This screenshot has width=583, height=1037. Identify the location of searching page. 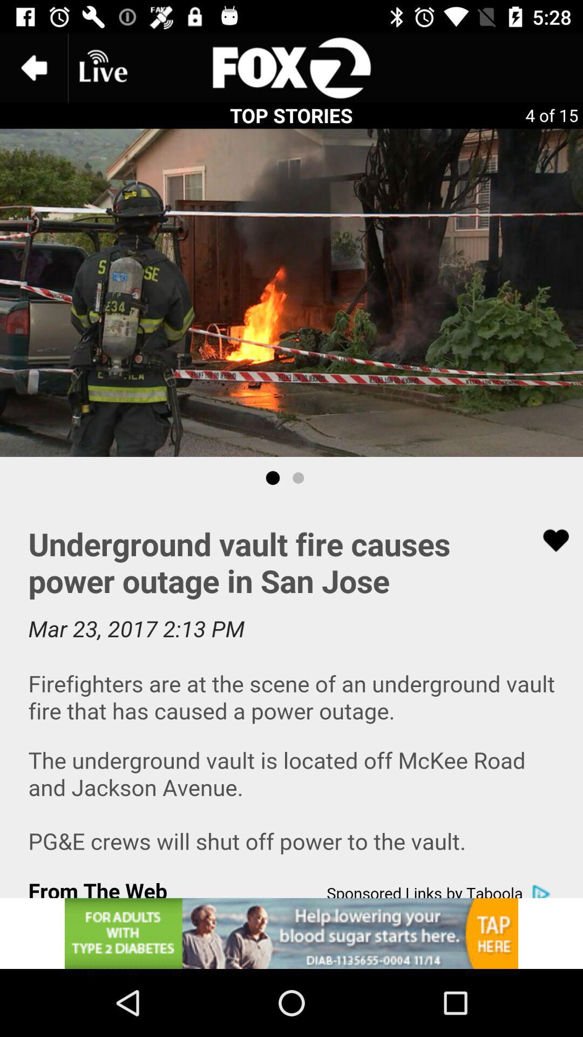
(291, 67).